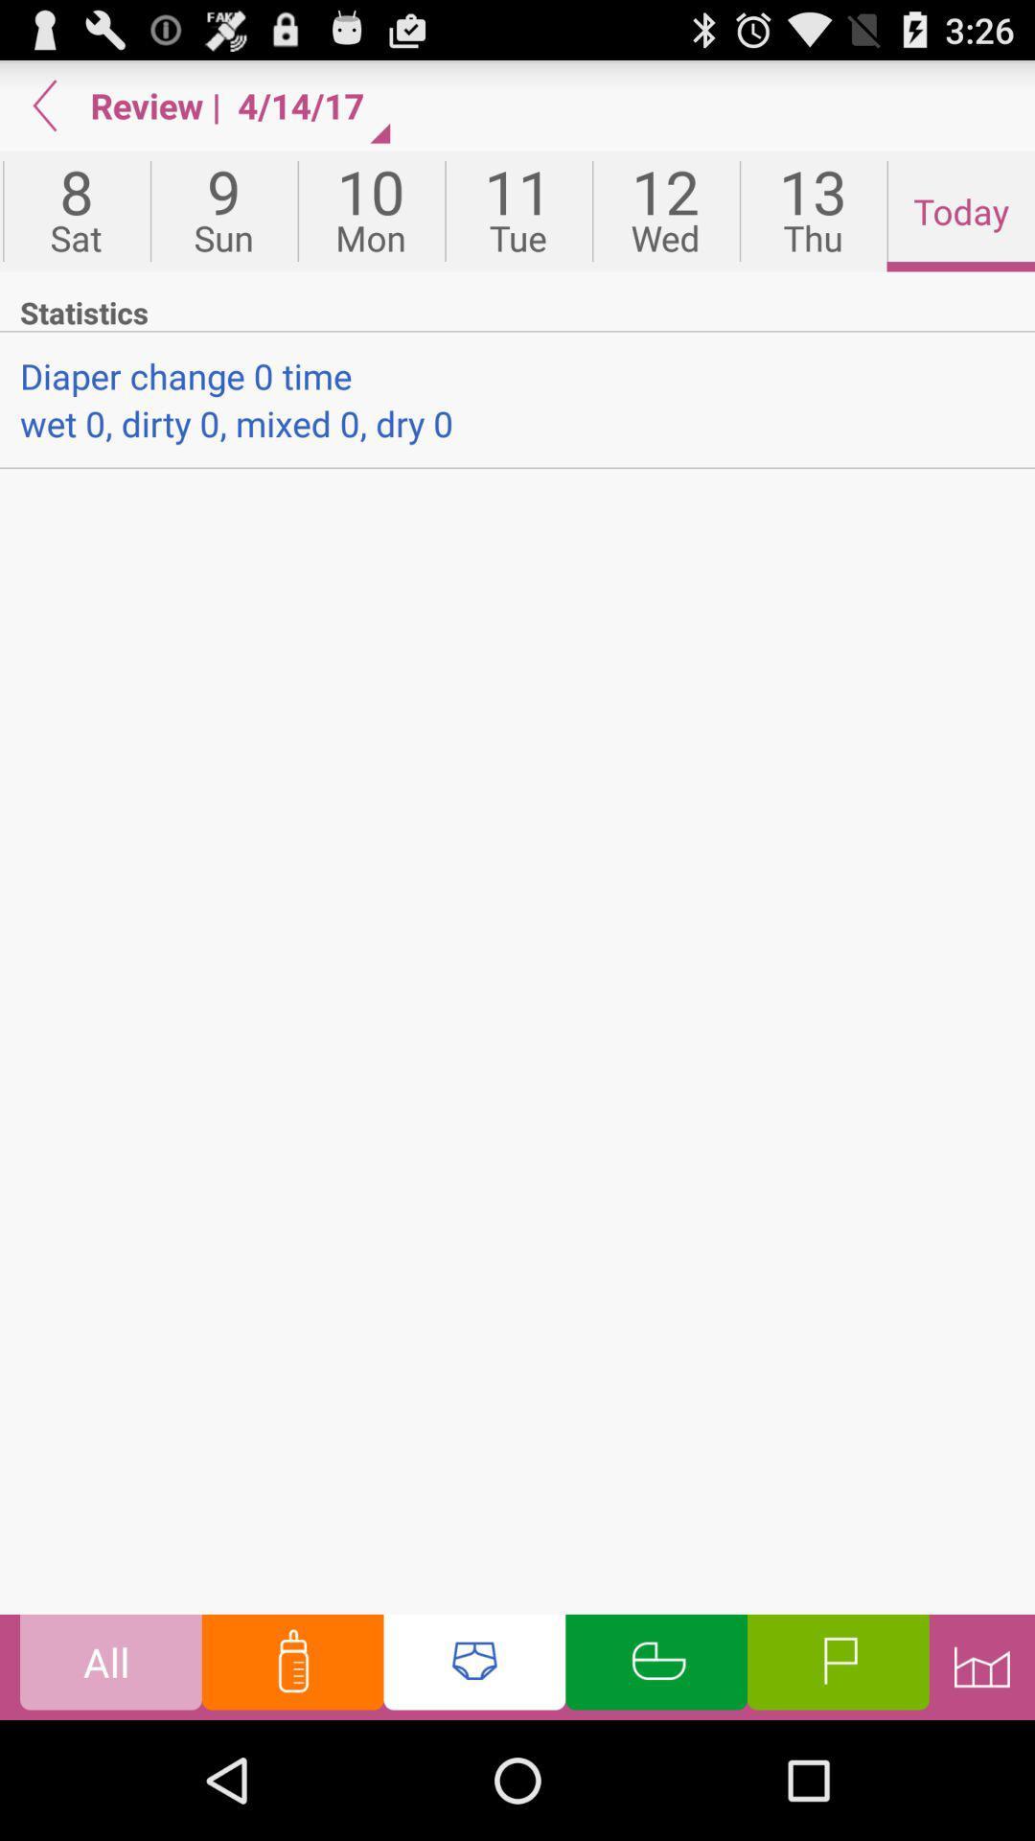 The height and width of the screenshot is (1841, 1035). What do you see at coordinates (813, 211) in the screenshot?
I see `icon to the right of 12` at bounding box center [813, 211].